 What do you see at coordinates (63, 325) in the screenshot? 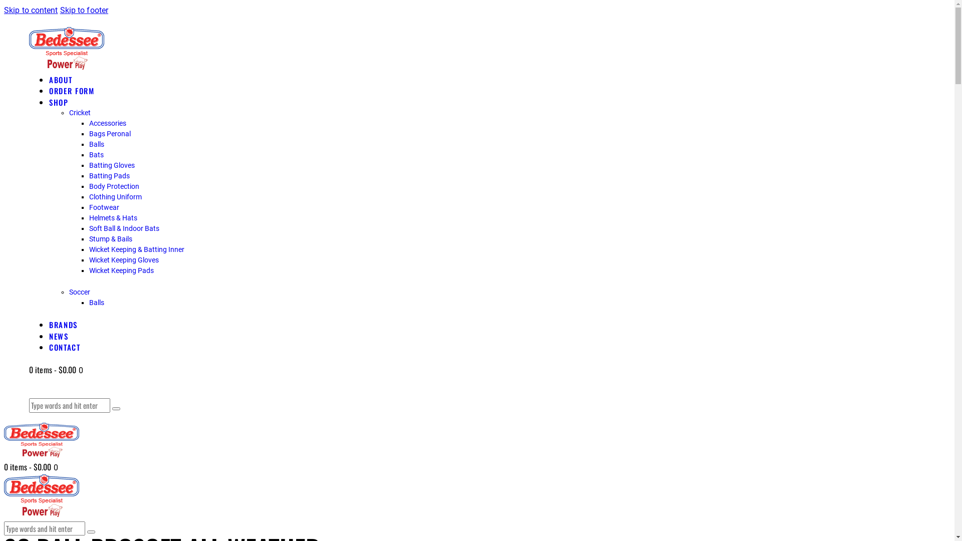
I see `'BRANDS'` at bounding box center [63, 325].